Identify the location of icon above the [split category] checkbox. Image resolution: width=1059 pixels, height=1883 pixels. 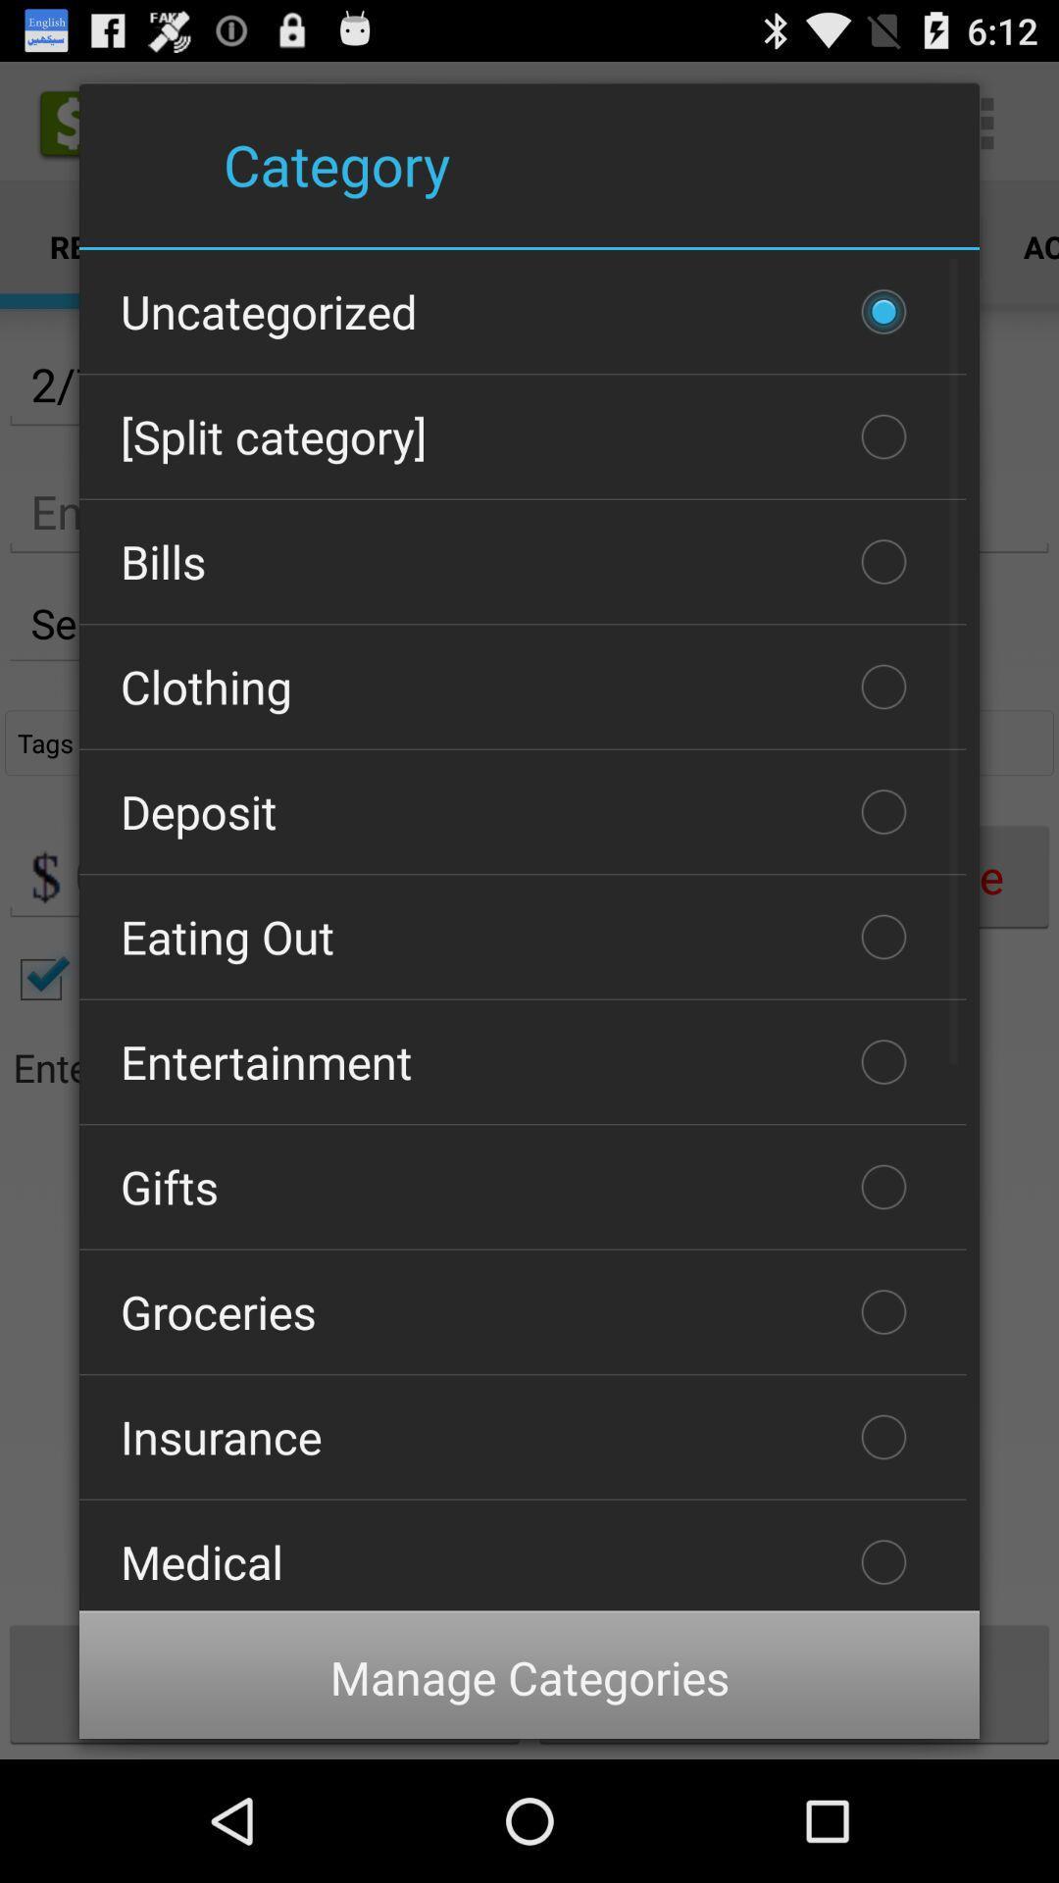
(522, 310).